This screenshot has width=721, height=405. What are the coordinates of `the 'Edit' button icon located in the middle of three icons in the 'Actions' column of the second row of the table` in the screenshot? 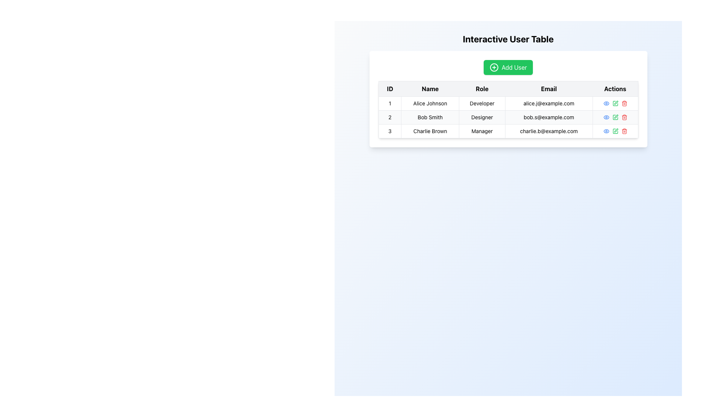 It's located at (615, 117).